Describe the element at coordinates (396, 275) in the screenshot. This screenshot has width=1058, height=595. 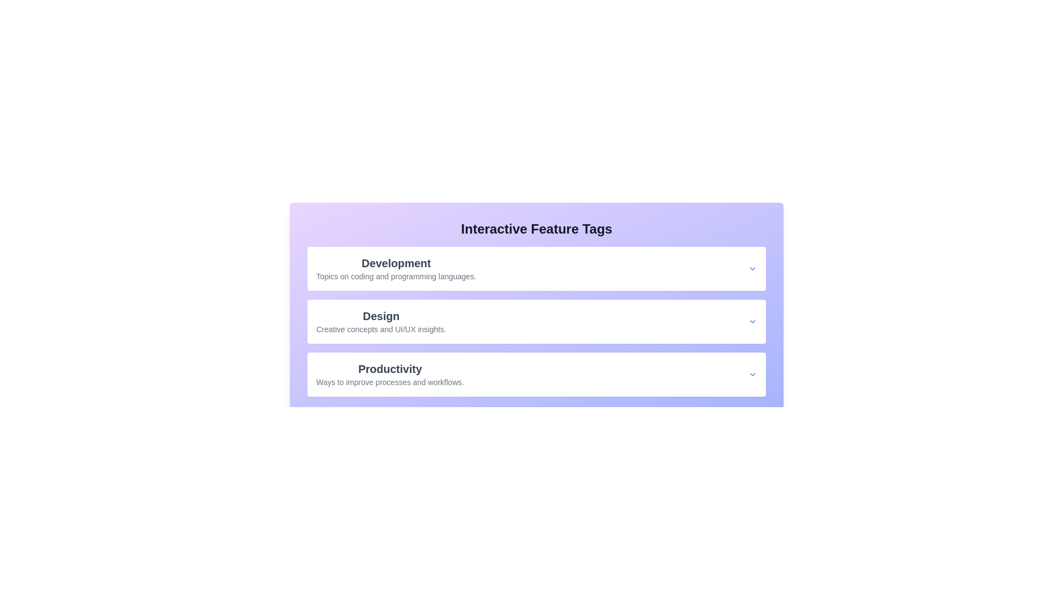
I see `the Text Label providing additional details related to the section titled 'Development', which is located beneath the heading 'Development' and above 'Design'` at that location.